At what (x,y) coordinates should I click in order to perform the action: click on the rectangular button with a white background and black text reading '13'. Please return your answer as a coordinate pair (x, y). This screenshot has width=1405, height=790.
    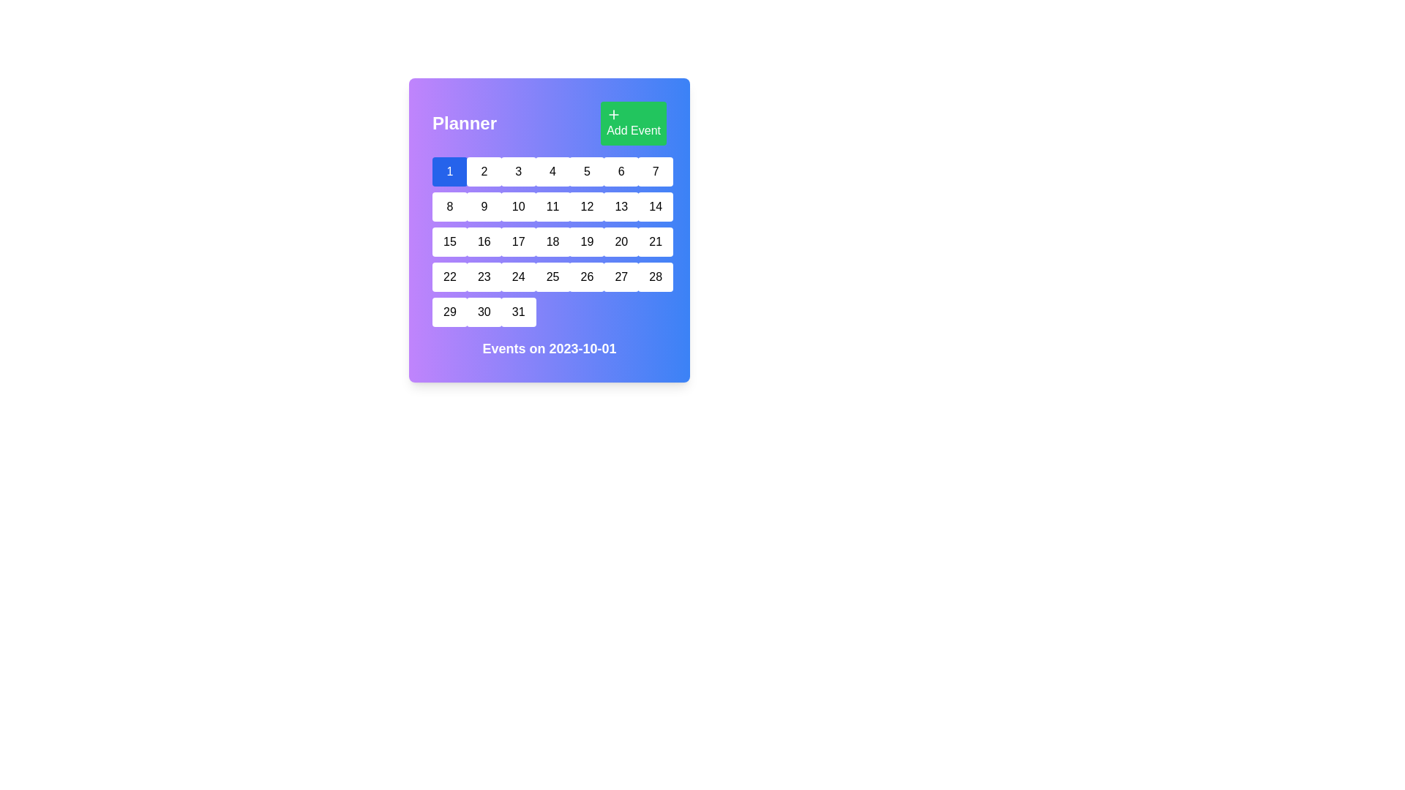
    Looking at the image, I should click on (621, 206).